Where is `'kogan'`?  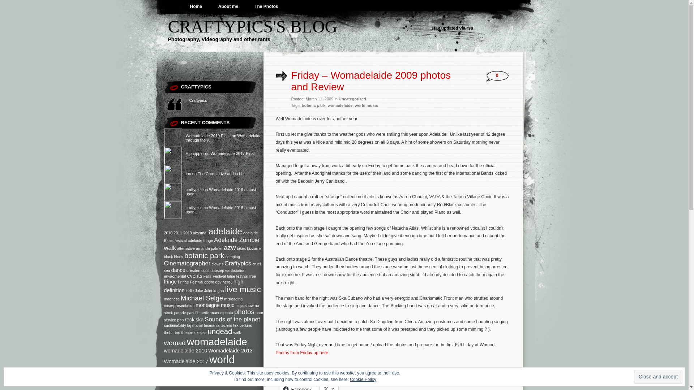 'kogan' is located at coordinates (218, 290).